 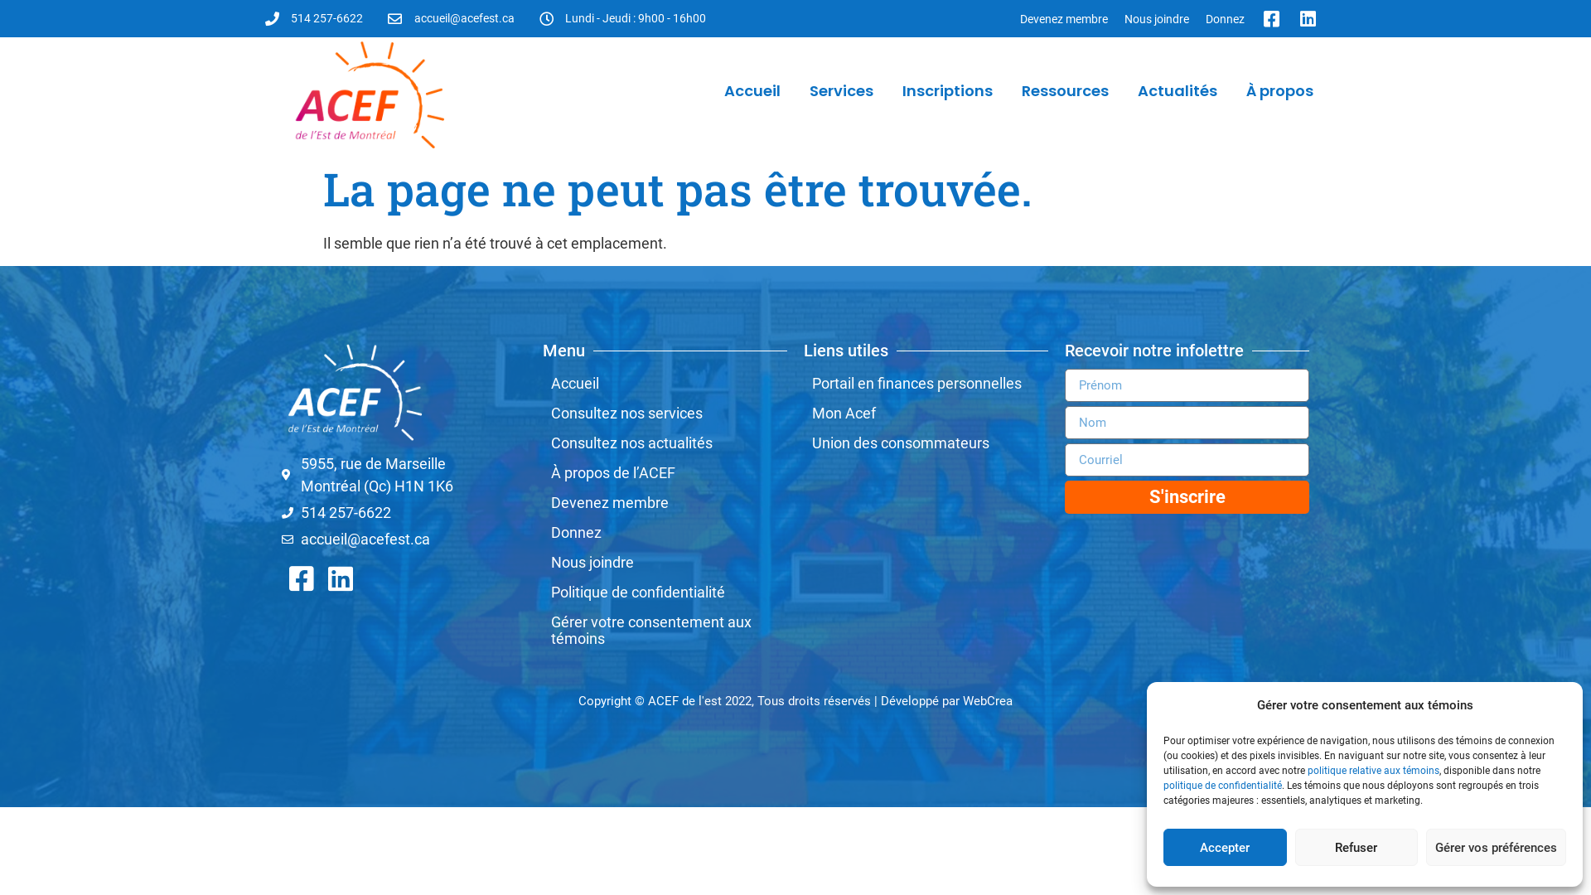 I want to click on 'Portail en finances personnelles', so click(x=925, y=383).